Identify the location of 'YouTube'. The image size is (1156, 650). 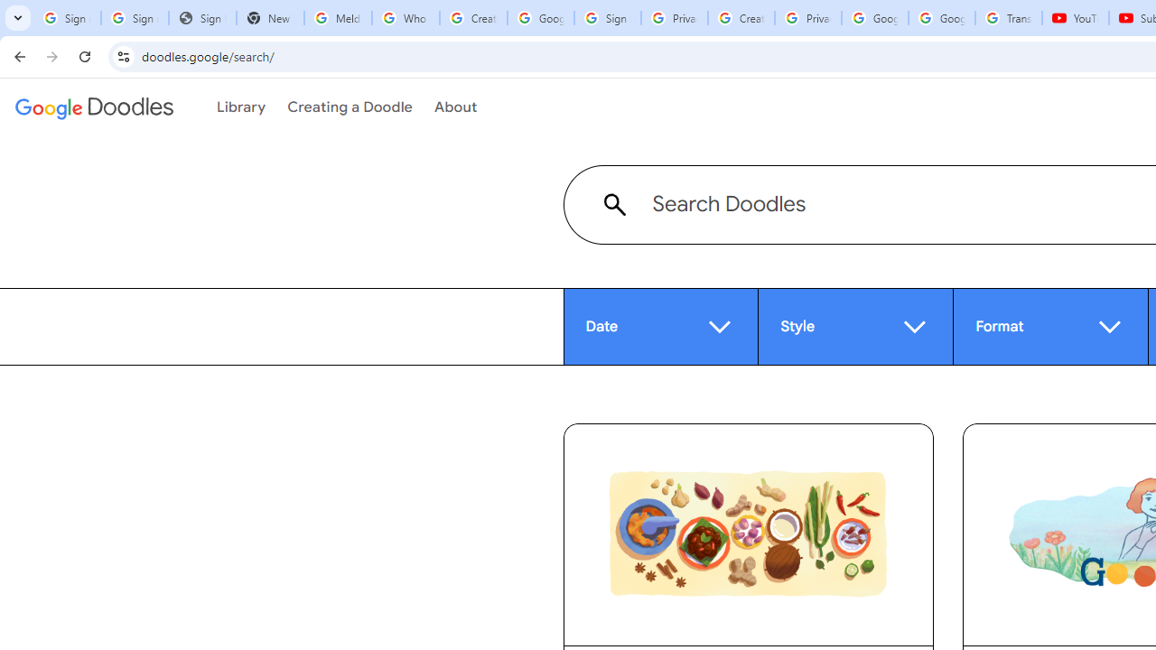
(1076, 18).